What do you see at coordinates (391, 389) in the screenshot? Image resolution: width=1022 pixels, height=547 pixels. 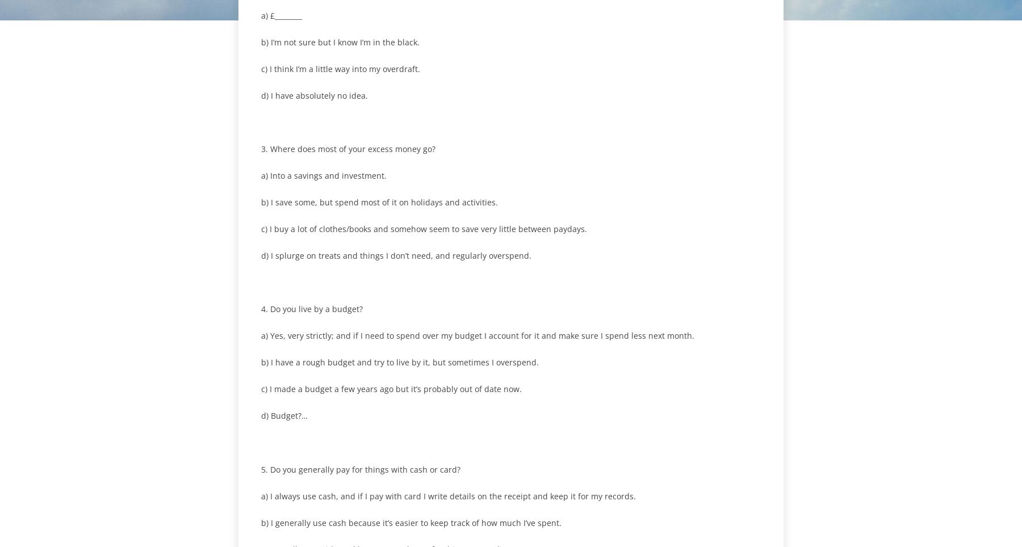 I see `'c) I made a budget a few years ago but it’s probably out of date now.'` at bounding box center [391, 389].